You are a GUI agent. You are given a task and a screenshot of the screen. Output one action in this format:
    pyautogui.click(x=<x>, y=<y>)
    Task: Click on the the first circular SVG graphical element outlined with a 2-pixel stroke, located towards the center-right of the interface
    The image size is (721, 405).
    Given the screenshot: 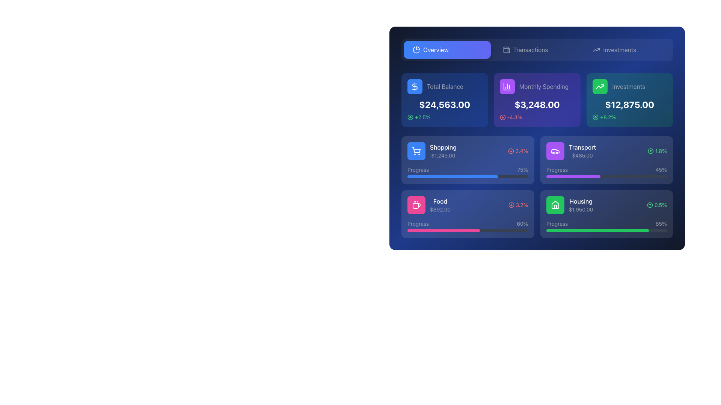 What is the action you would take?
    pyautogui.click(x=511, y=205)
    